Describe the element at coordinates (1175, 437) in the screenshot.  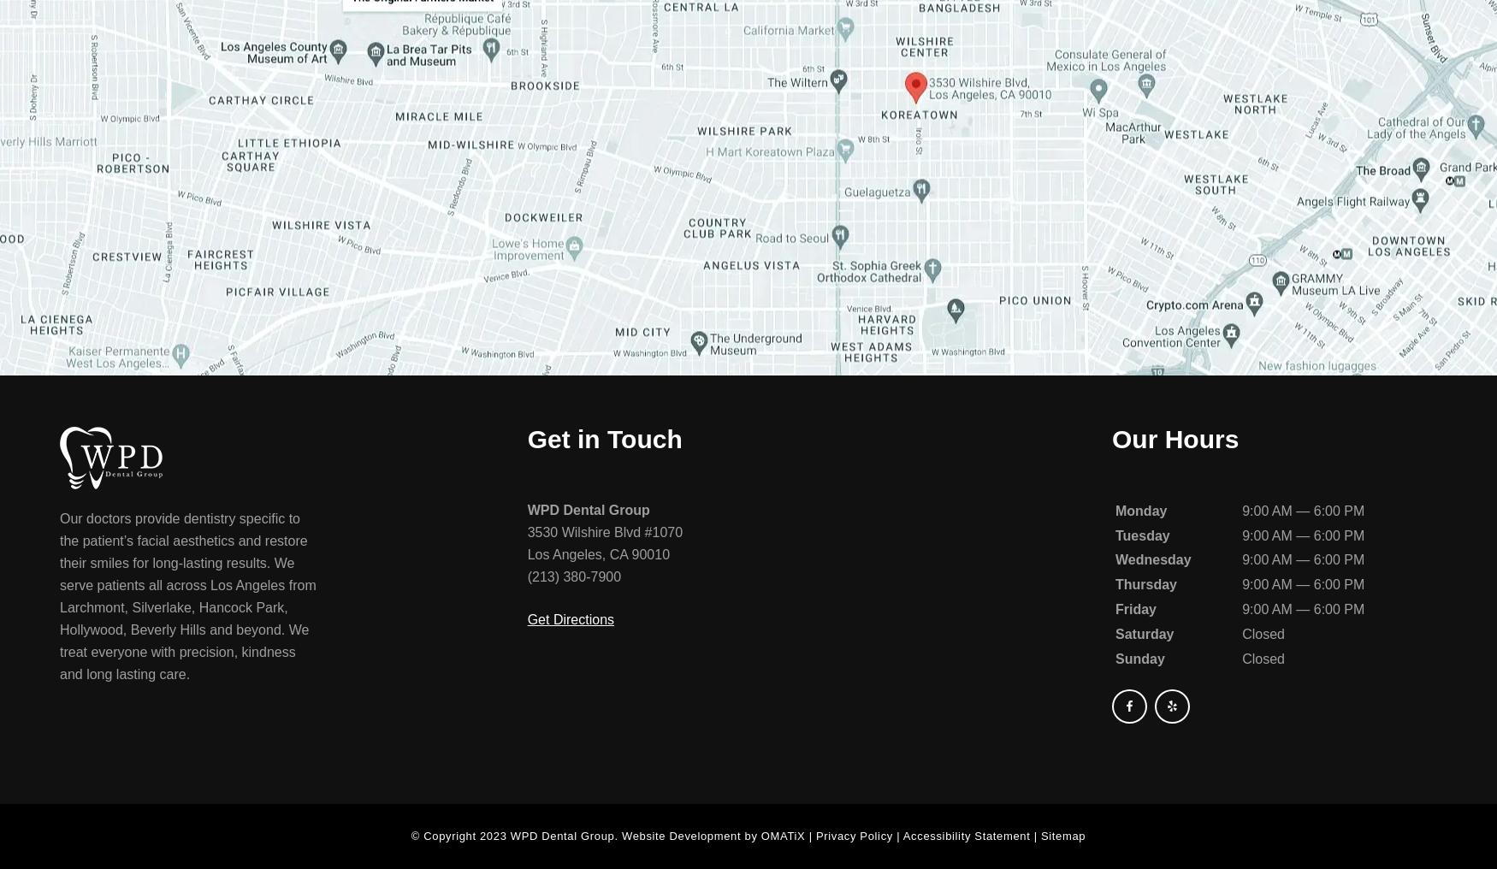
I see `'Our Hours'` at that location.